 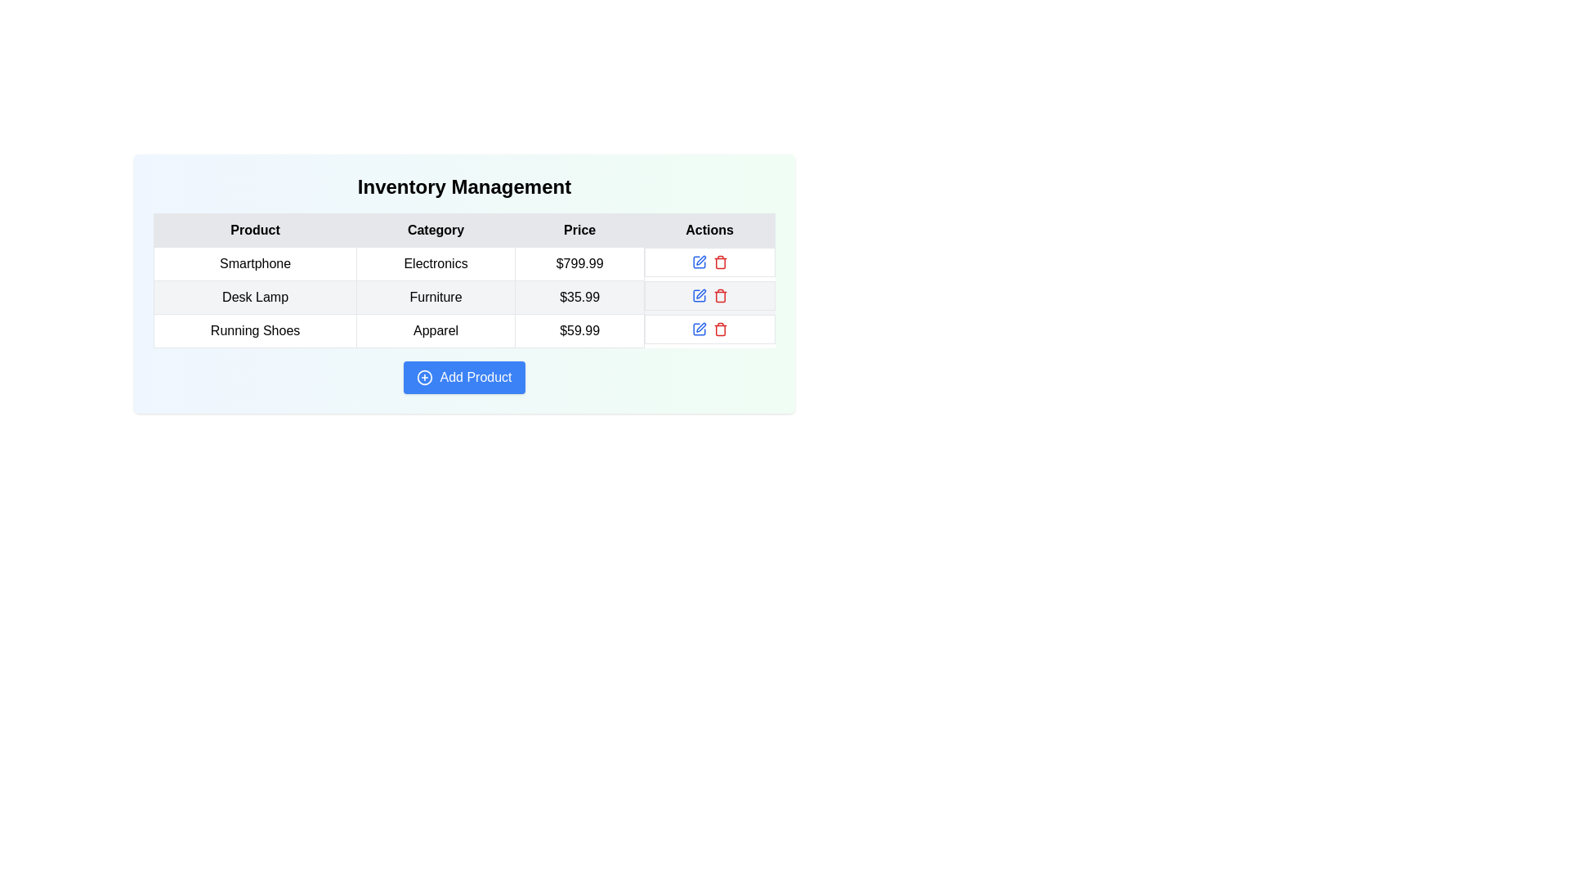 I want to click on table cell in the third row under the 'Category' column that contains the text 'Apparel' for text purposes, so click(x=463, y=331).